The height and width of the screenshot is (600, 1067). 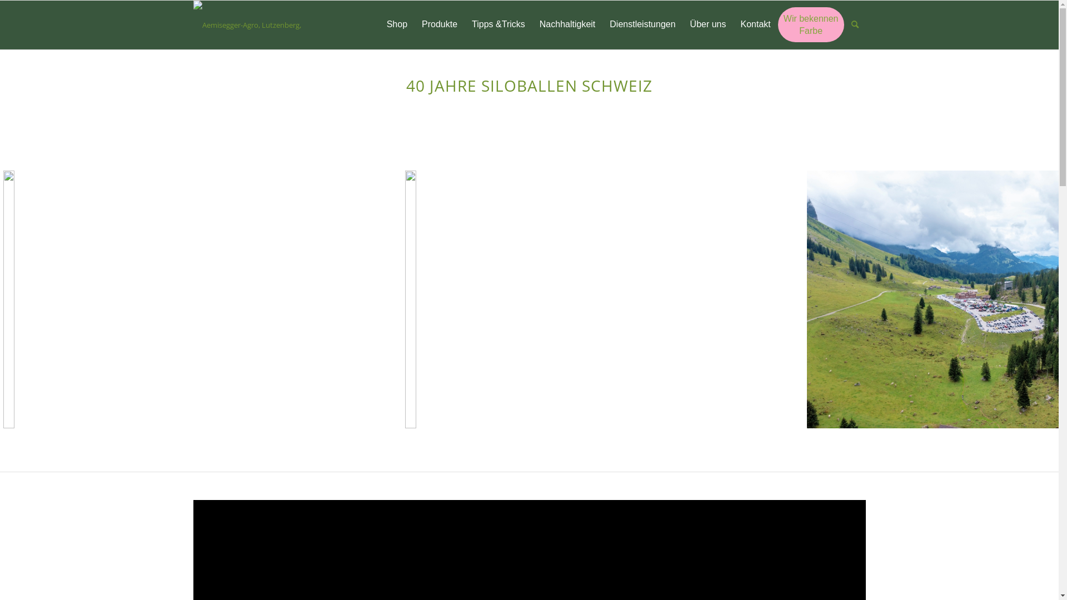 What do you see at coordinates (642, 25) in the screenshot?
I see `'Dienstleistungen'` at bounding box center [642, 25].